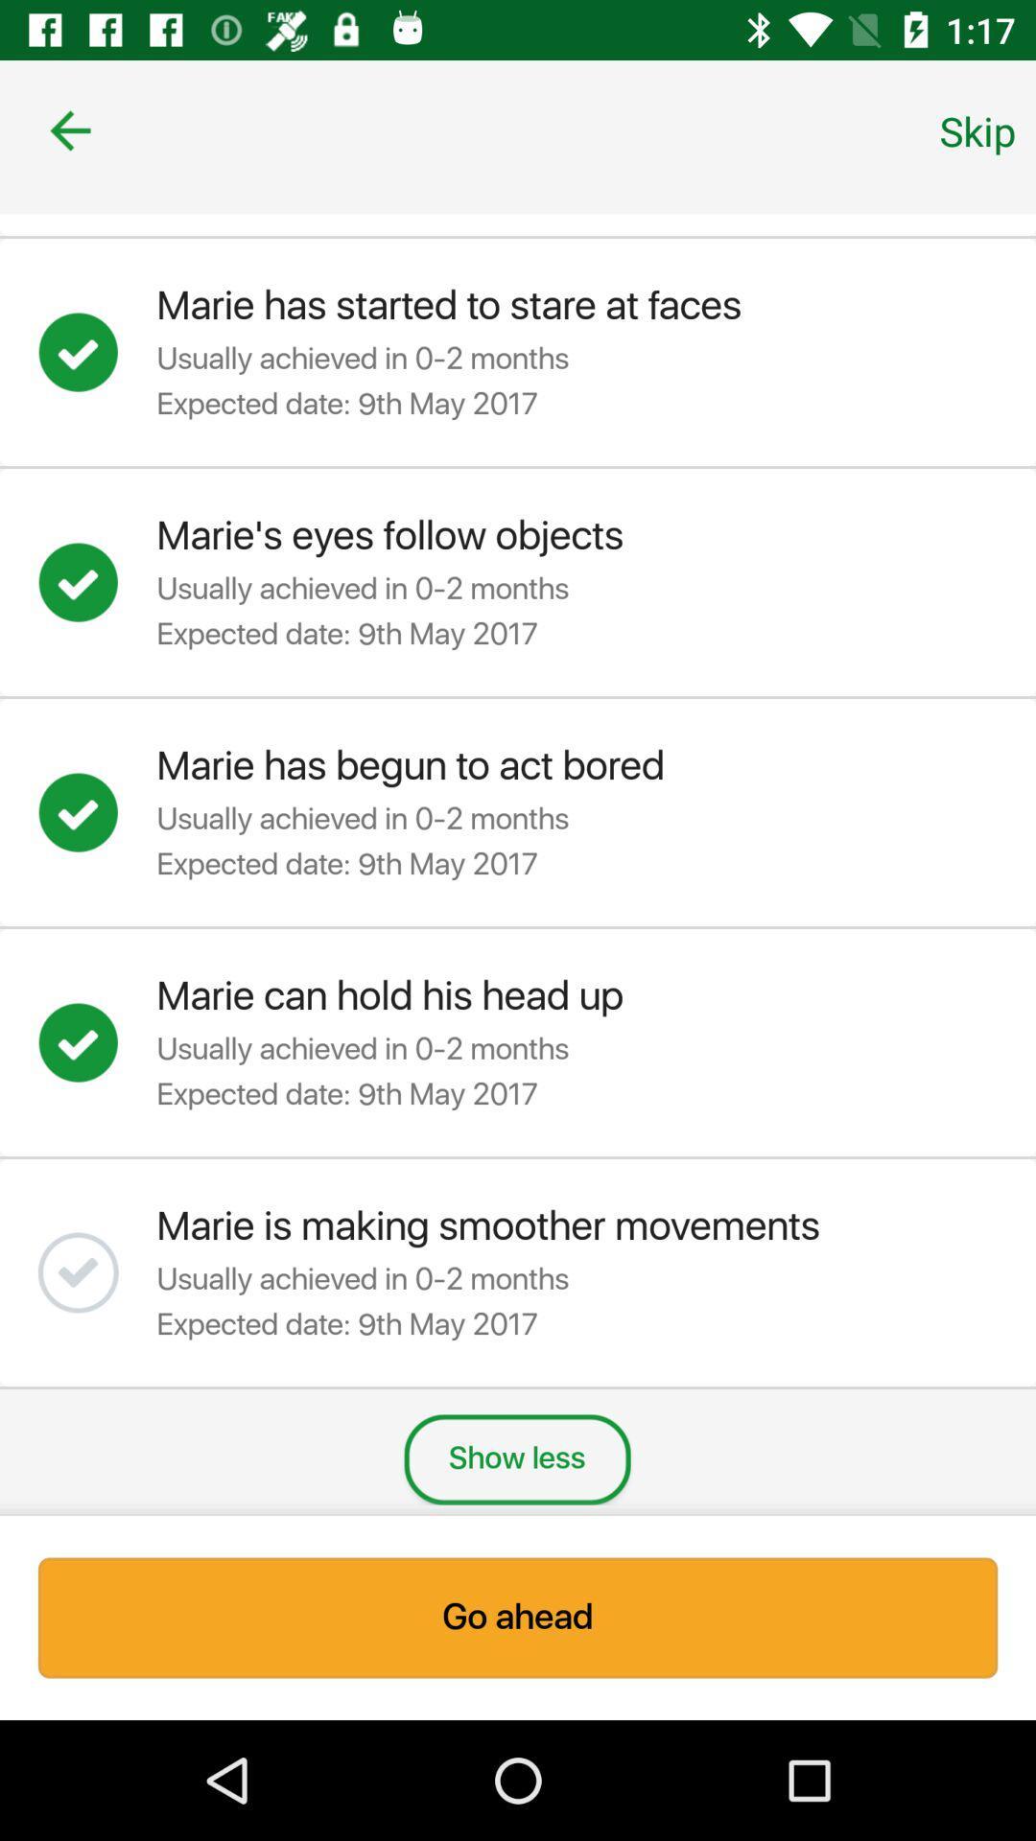 The image size is (1036, 1841). Describe the element at coordinates (516, 1458) in the screenshot. I see `show less` at that location.